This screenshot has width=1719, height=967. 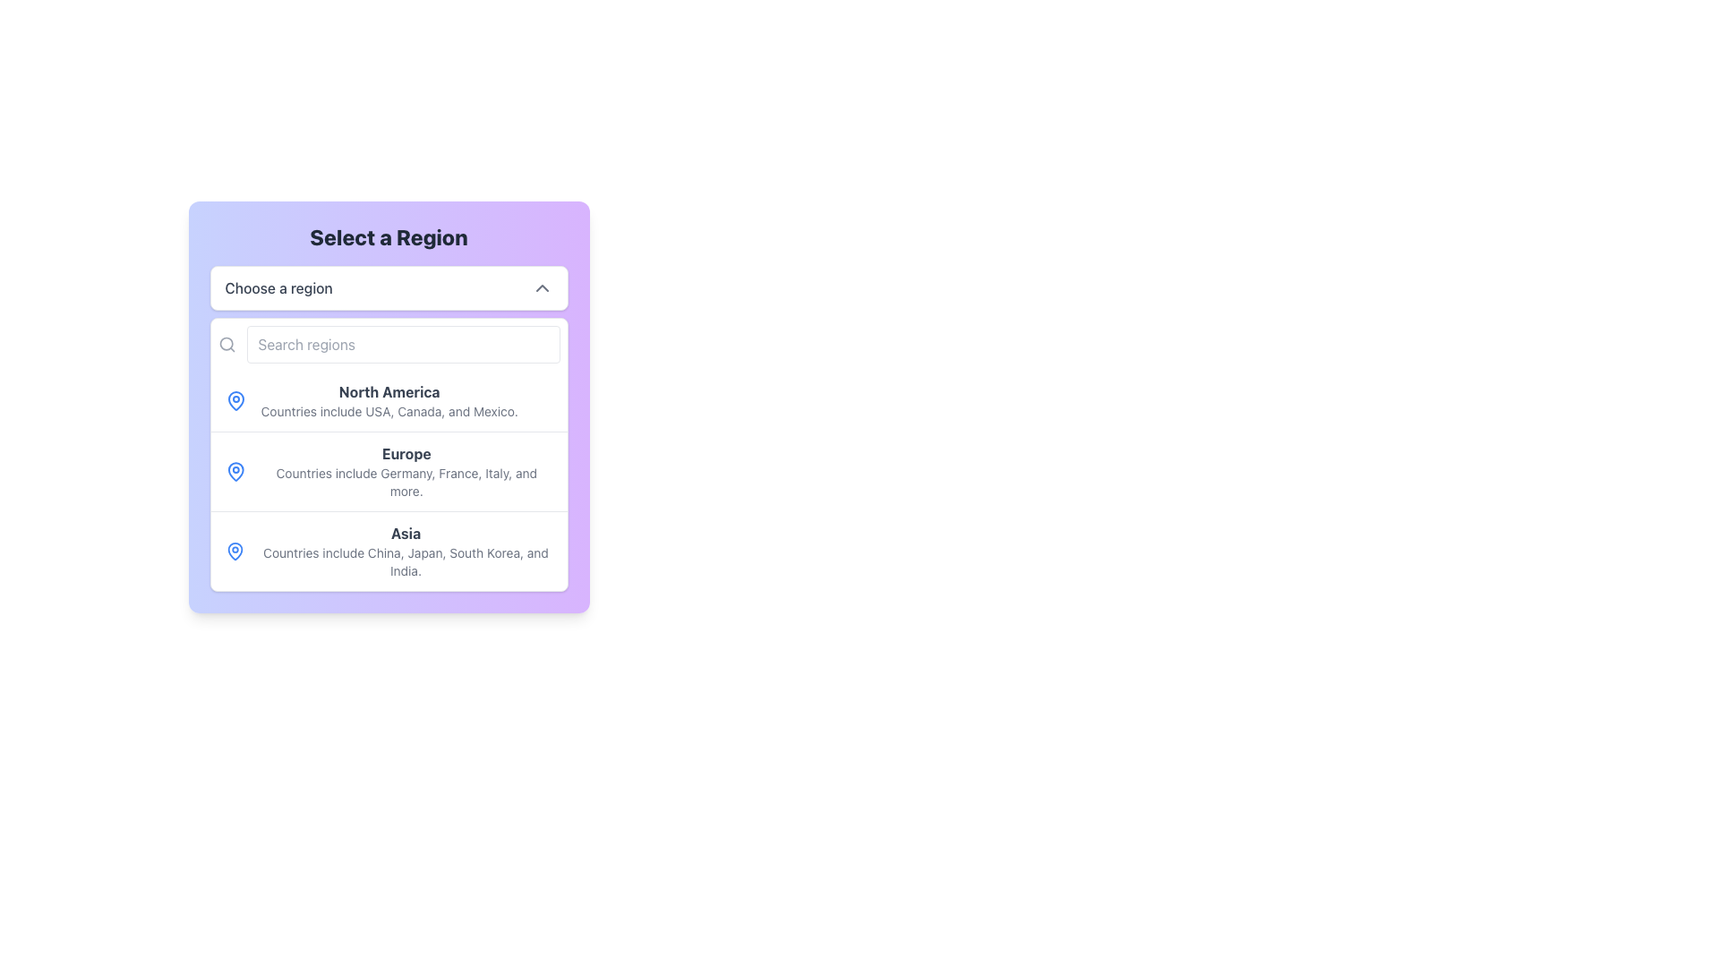 What do you see at coordinates (405, 551) in the screenshot?
I see `the third text block in the selectable list of regions labeled 'Select a Region', which displays information about the Asia region` at bounding box center [405, 551].